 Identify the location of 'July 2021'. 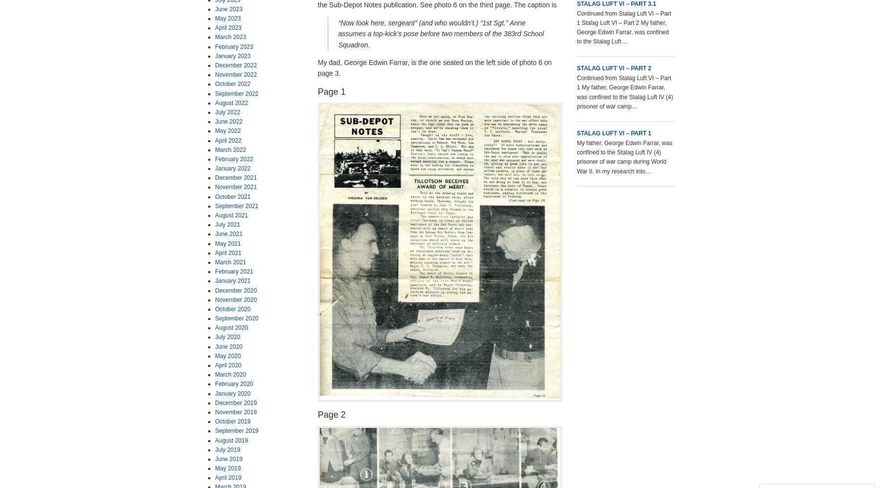
(227, 225).